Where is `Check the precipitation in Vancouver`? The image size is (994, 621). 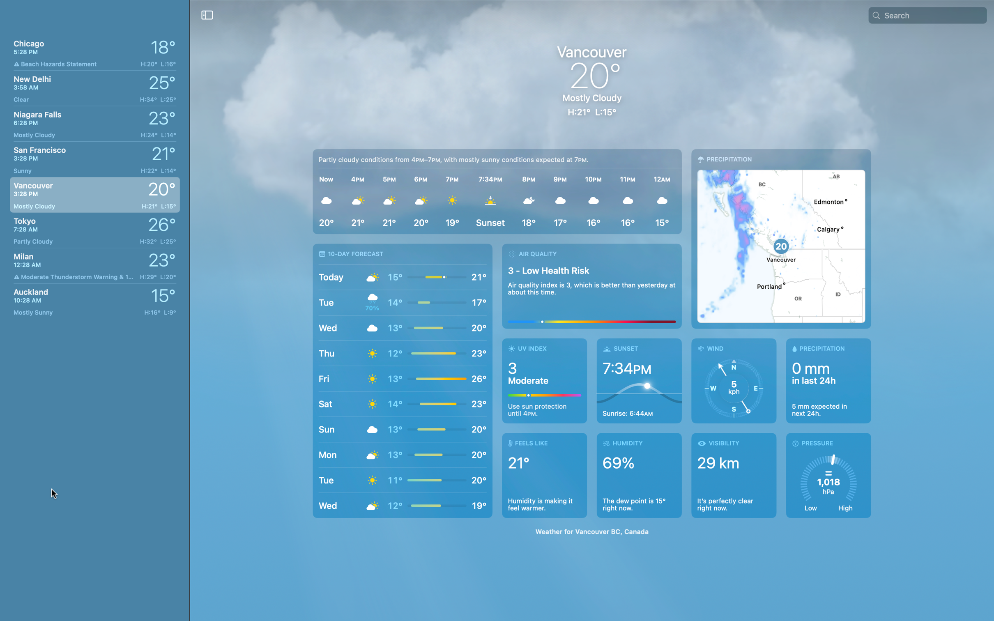 Check the precipitation in Vancouver is located at coordinates (826, 382).